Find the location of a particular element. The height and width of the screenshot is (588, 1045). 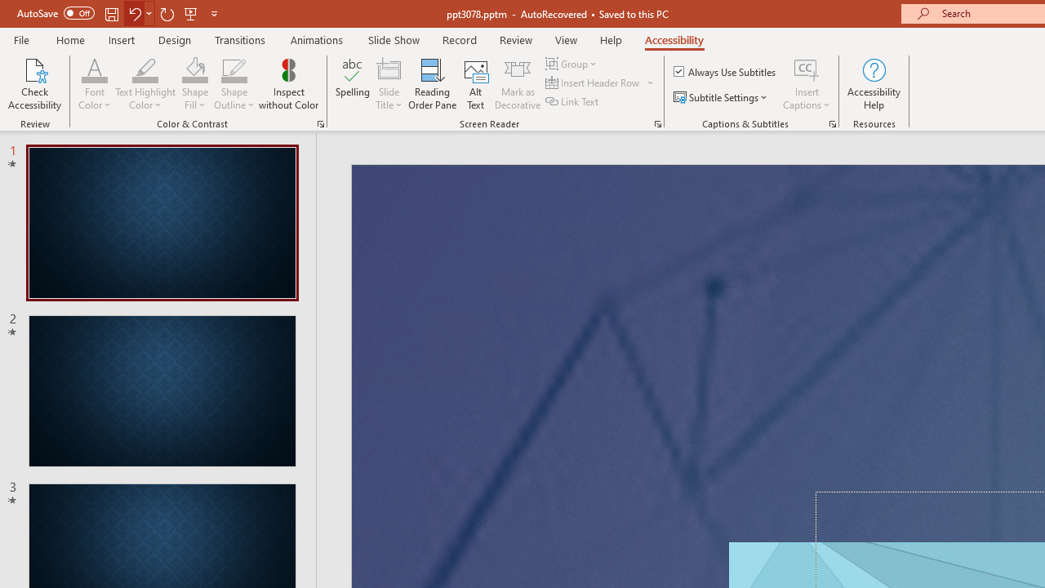

'Insert Header Row' is located at coordinates (600, 82).